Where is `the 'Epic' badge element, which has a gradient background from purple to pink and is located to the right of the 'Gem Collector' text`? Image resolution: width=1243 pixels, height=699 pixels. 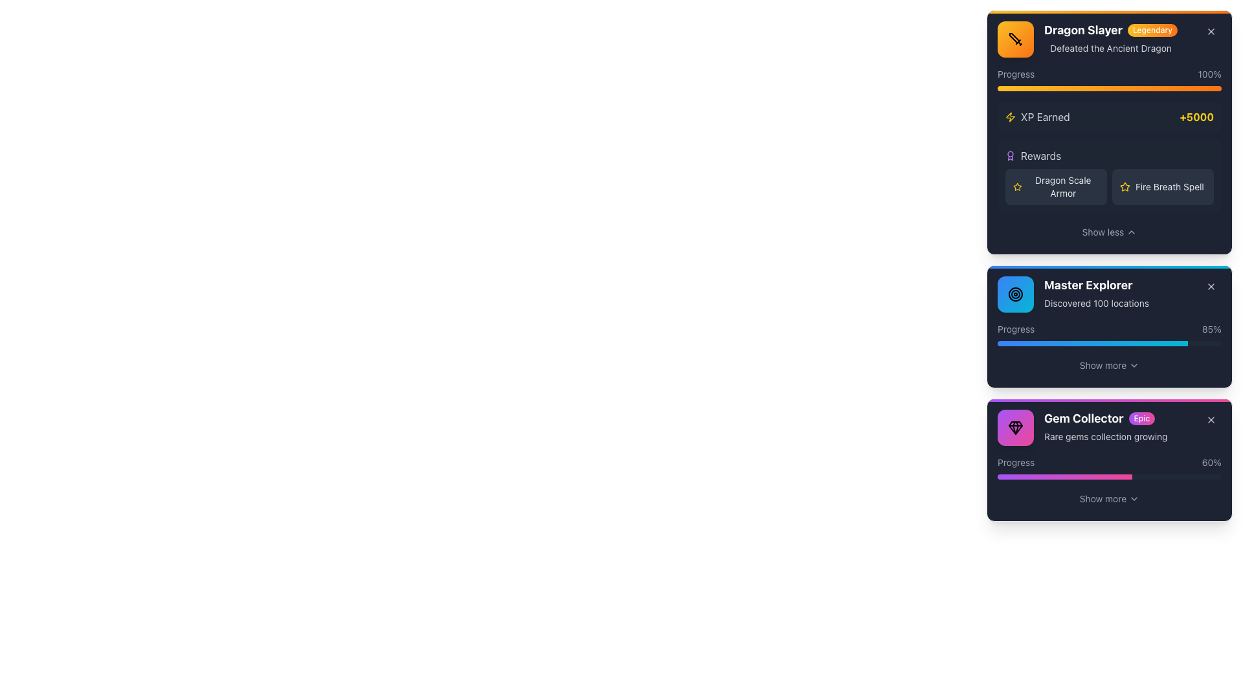 the 'Epic' badge element, which has a gradient background from purple to pink and is located to the right of the 'Gem Collector' text is located at coordinates (1141, 419).